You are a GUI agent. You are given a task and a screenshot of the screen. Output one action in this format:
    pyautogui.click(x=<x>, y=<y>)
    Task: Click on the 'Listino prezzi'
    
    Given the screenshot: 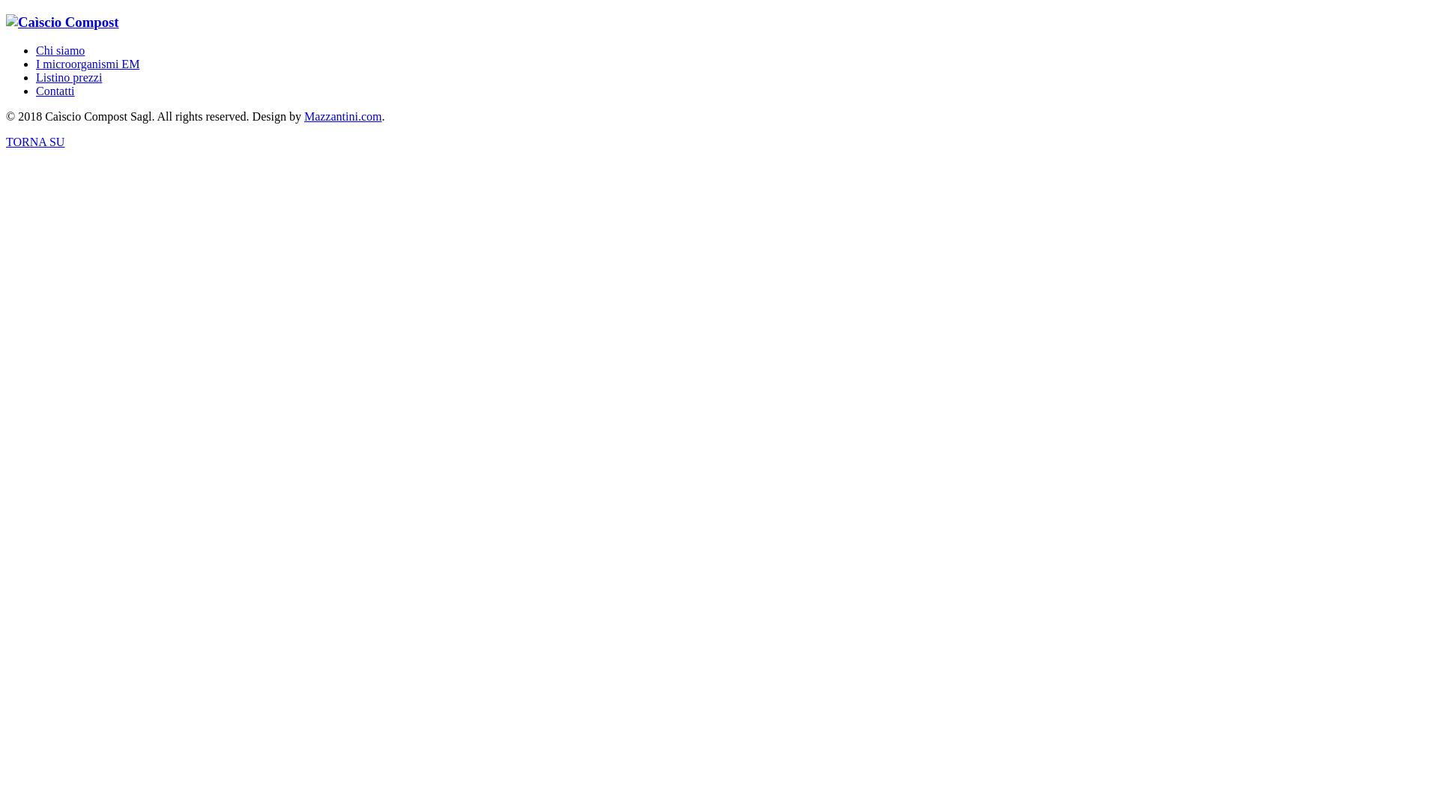 What is the action you would take?
    pyautogui.click(x=67, y=77)
    